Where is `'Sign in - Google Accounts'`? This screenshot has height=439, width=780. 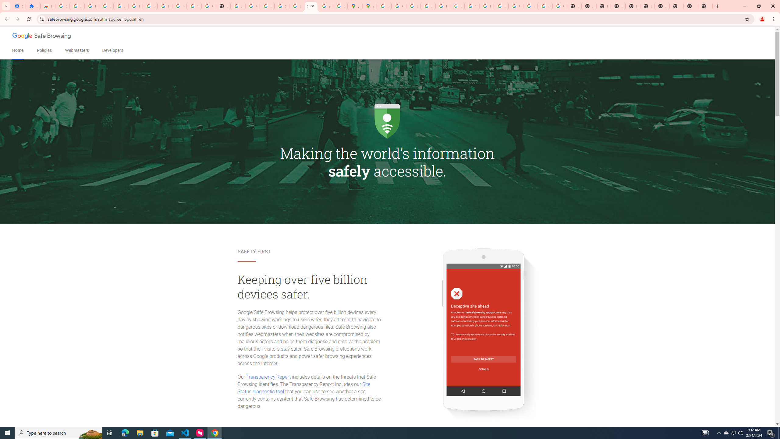 'Sign in - Google Accounts' is located at coordinates (62, 6).